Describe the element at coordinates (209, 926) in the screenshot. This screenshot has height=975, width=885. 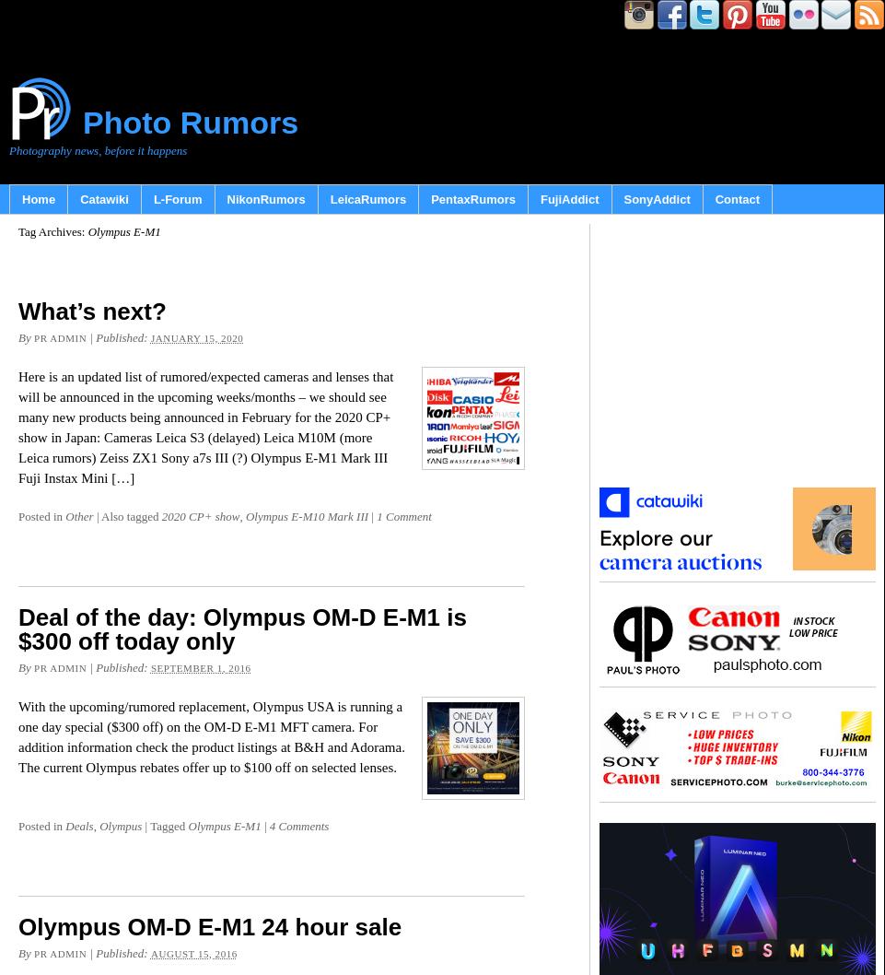
I see `'Olympus OM-D E-M1 24 hour sale'` at that location.